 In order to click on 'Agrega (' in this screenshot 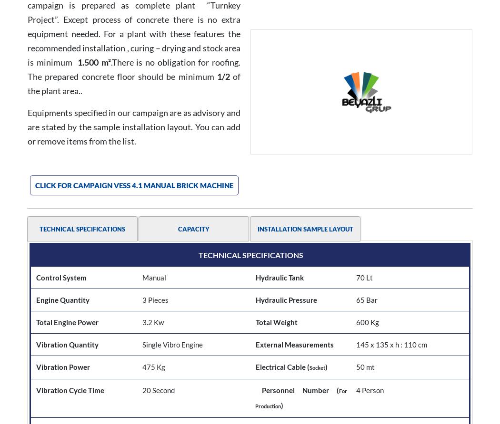, I will do `click(269, 161)`.